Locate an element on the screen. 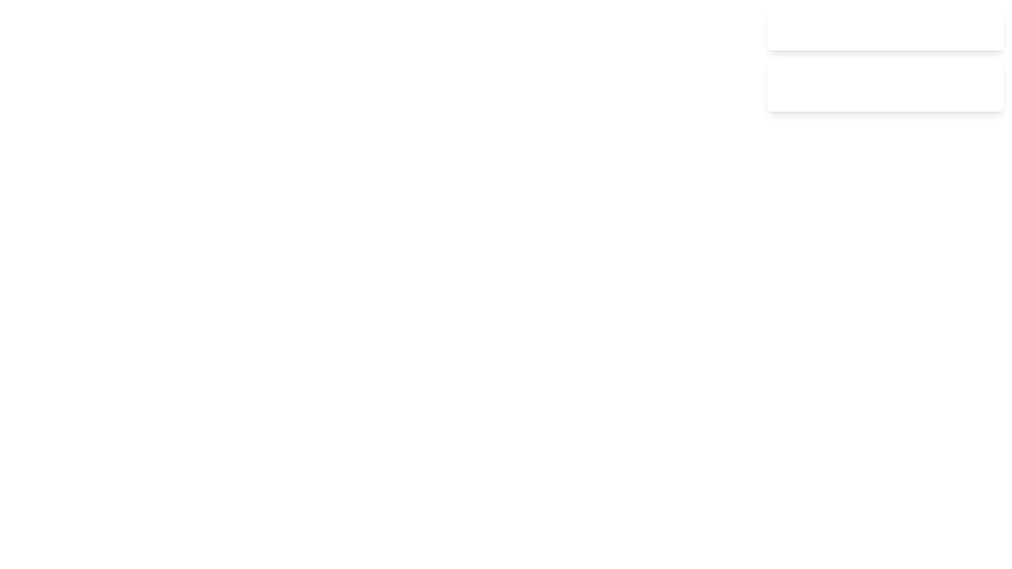 This screenshot has height=569, width=1012. the close button of the alert to dismiss it is located at coordinates (984, 29).